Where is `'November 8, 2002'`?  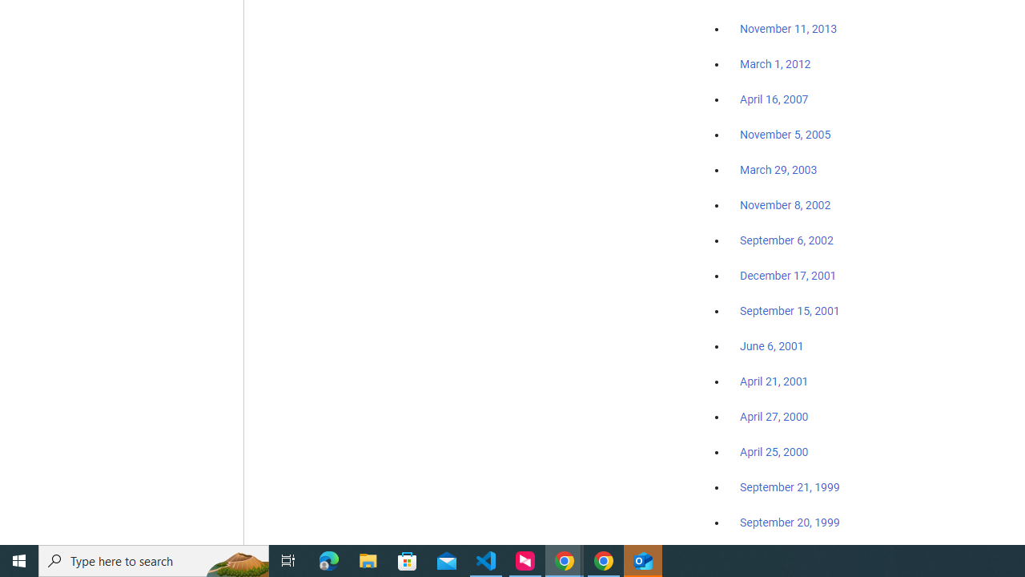 'November 8, 2002' is located at coordinates (786, 204).